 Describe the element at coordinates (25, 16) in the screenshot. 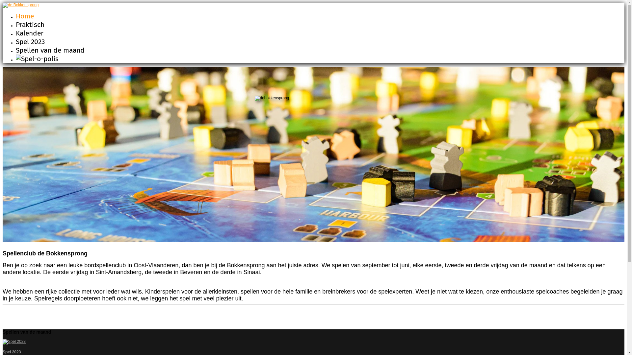

I see `'Home'` at that location.